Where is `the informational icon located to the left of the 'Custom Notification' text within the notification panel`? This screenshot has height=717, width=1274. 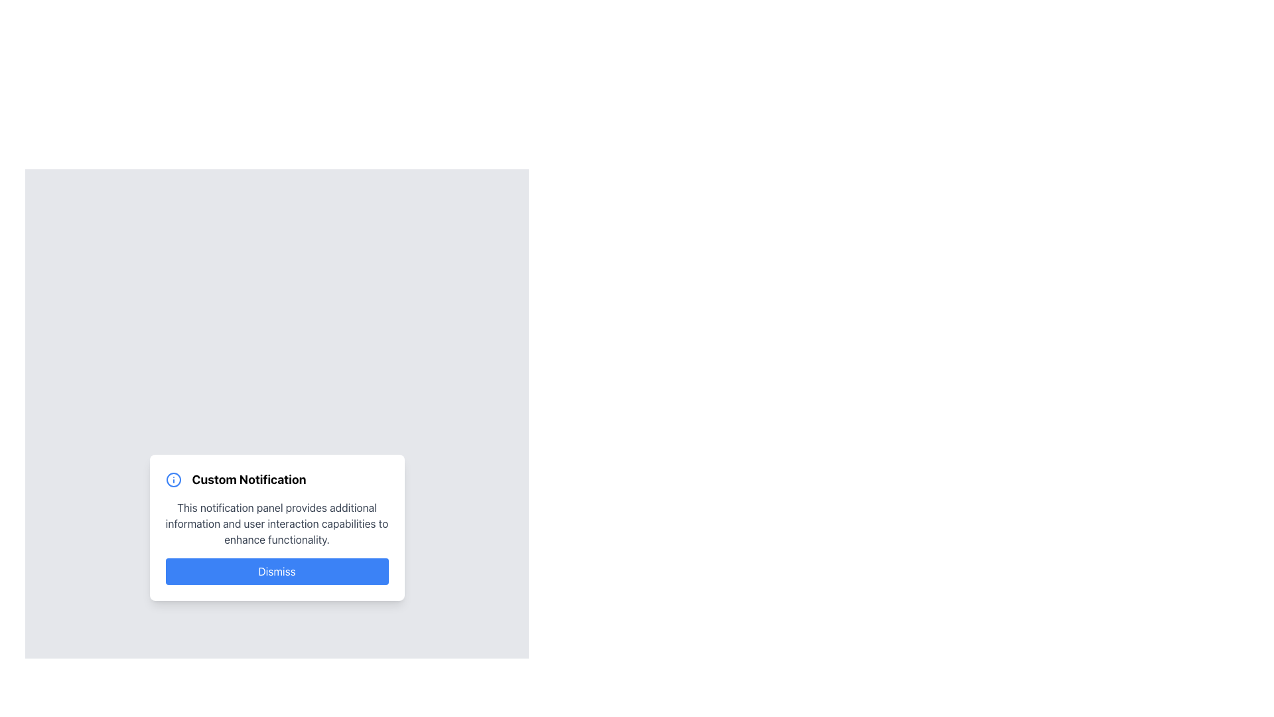 the informational icon located to the left of the 'Custom Notification' text within the notification panel is located at coordinates (173, 479).